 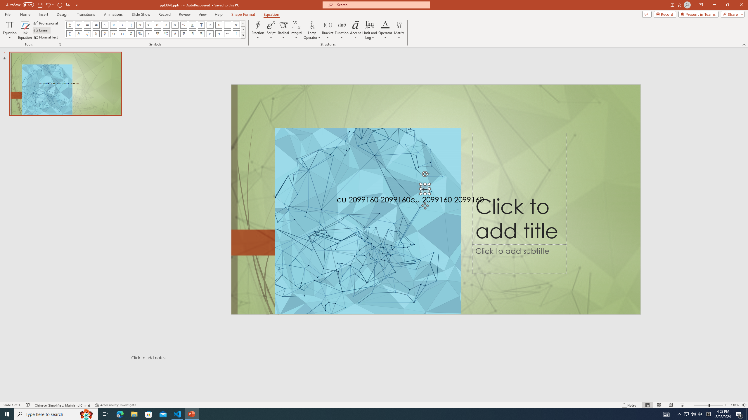 I want to click on 'Bracket', so click(x=328, y=30).